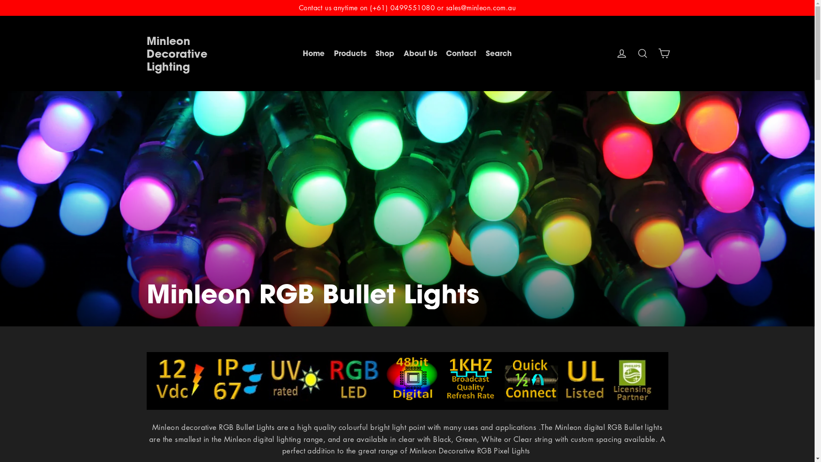  What do you see at coordinates (313, 53) in the screenshot?
I see `'Home'` at bounding box center [313, 53].